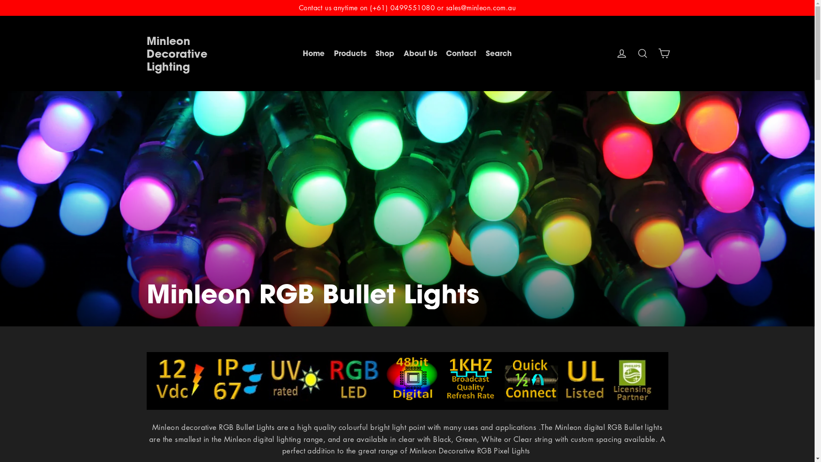  What do you see at coordinates (313, 53) in the screenshot?
I see `'Home'` at bounding box center [313, 53].